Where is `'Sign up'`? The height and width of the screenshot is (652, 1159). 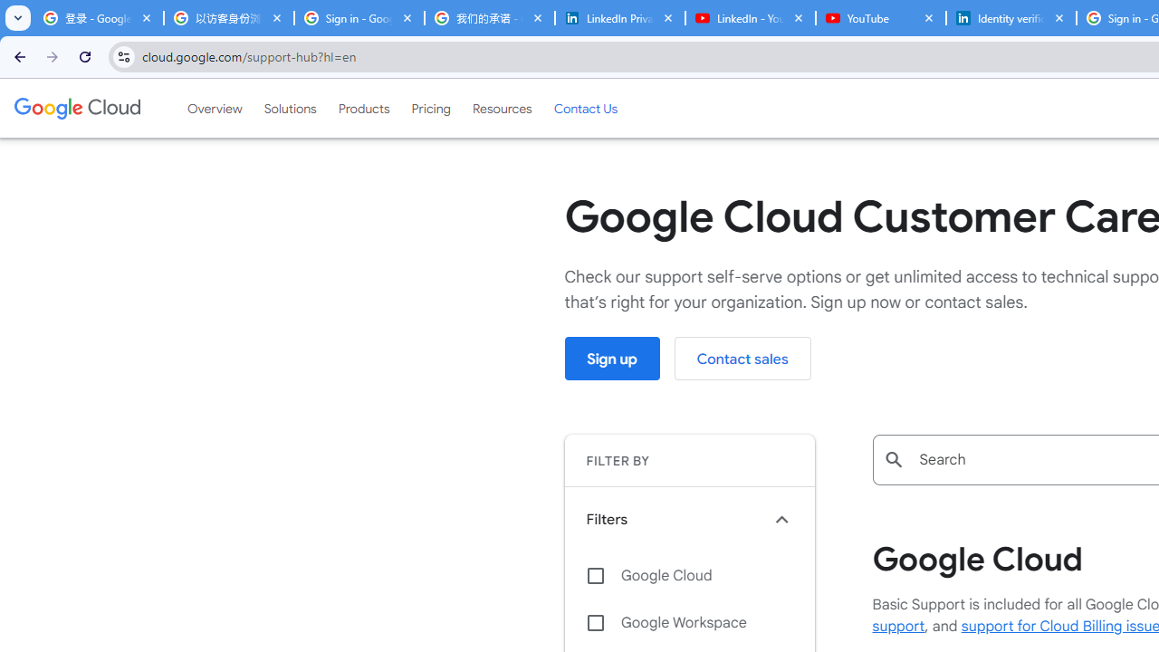
'Sign up' is located at coordinates (612, 359).